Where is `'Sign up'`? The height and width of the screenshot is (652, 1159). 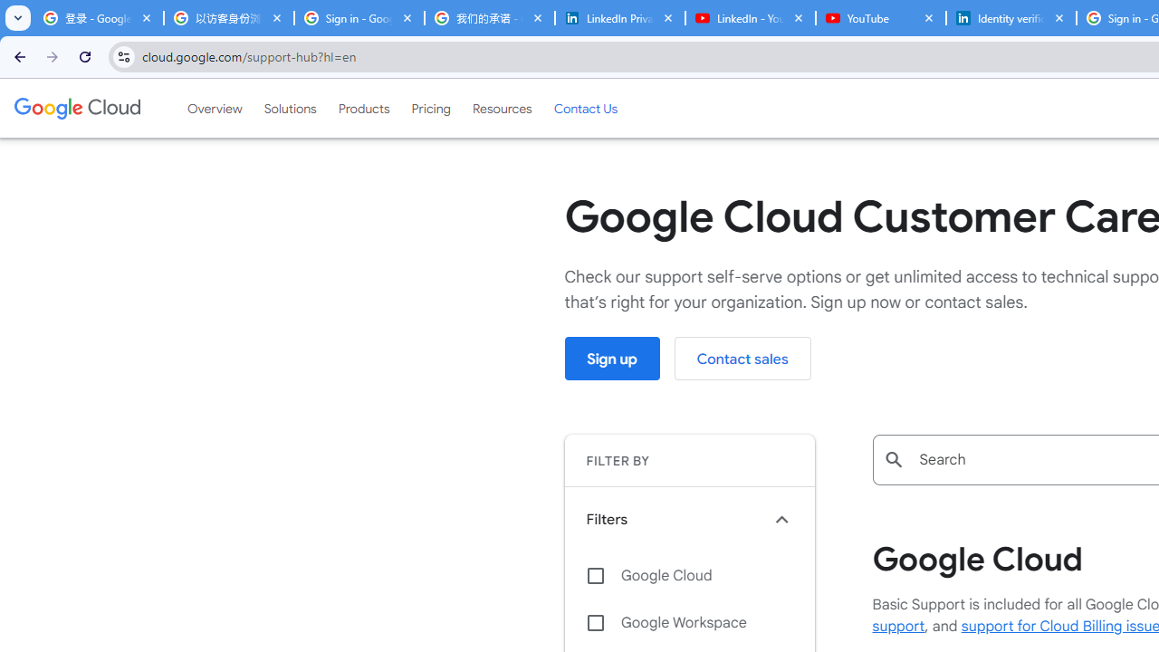
'Sign up' is located at coordinates (612, 359).